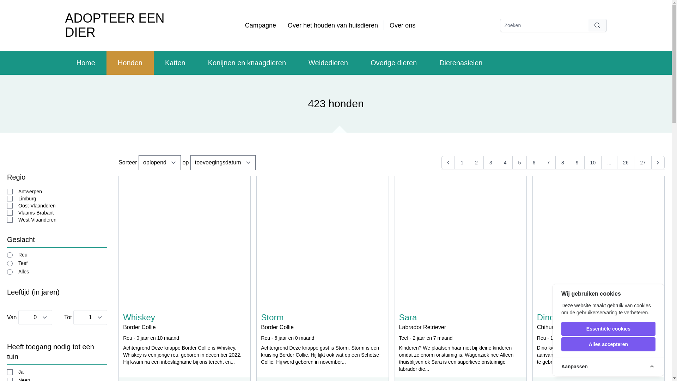  I want to click on 'Aanpassen', so click(608, 366).